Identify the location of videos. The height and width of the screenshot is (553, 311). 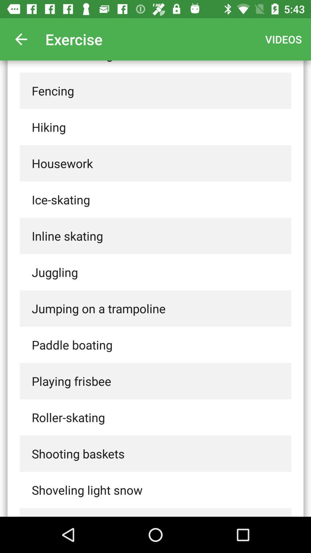
(283, 39).